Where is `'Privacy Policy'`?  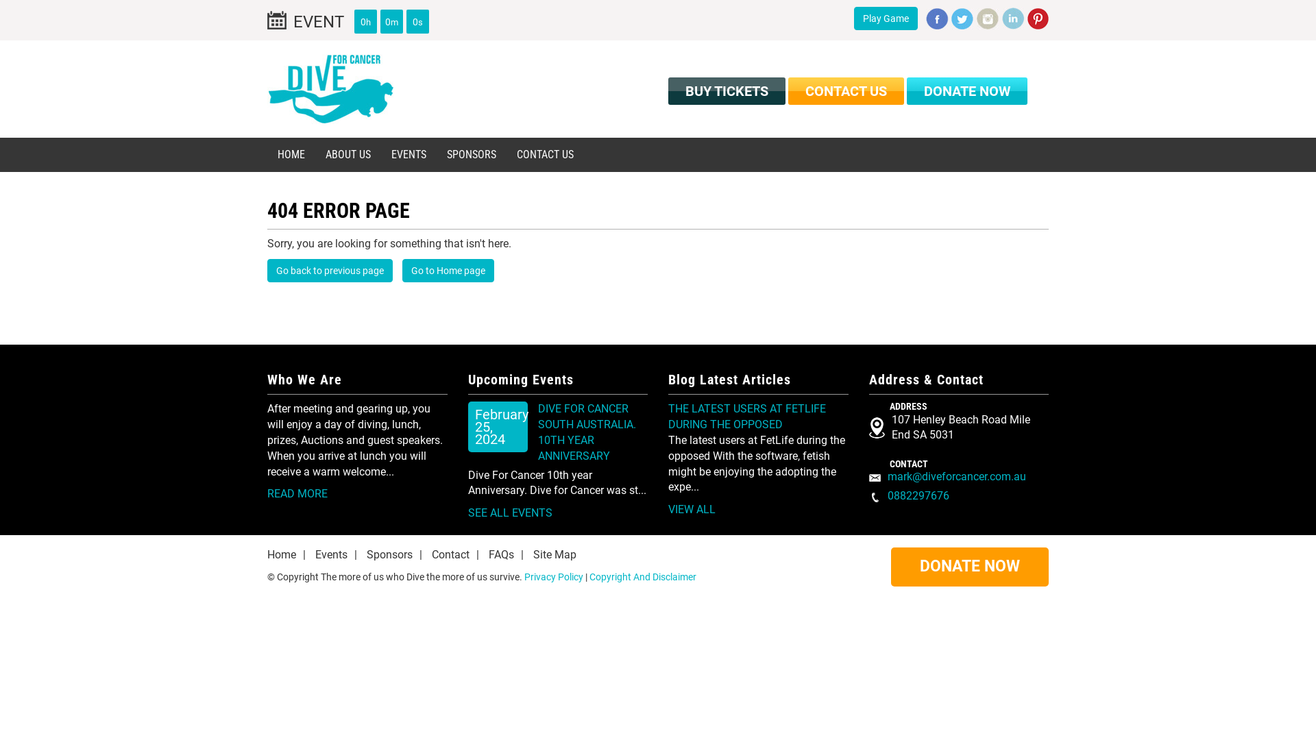
'Privacy Policy' is located at coordinates (553, 576).